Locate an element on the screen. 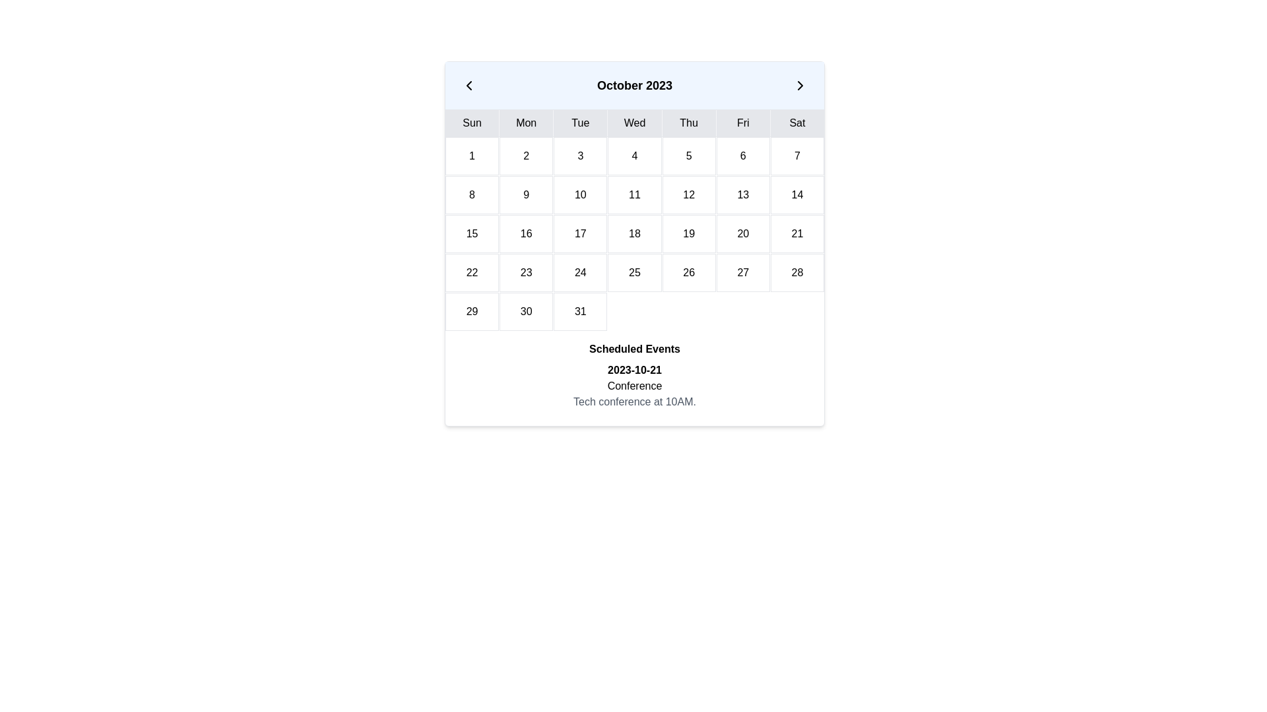 This screenshot has height=712, width=1267. the calendar date cell representing '4' in the calendar grid is located at coordinates (634, 155).